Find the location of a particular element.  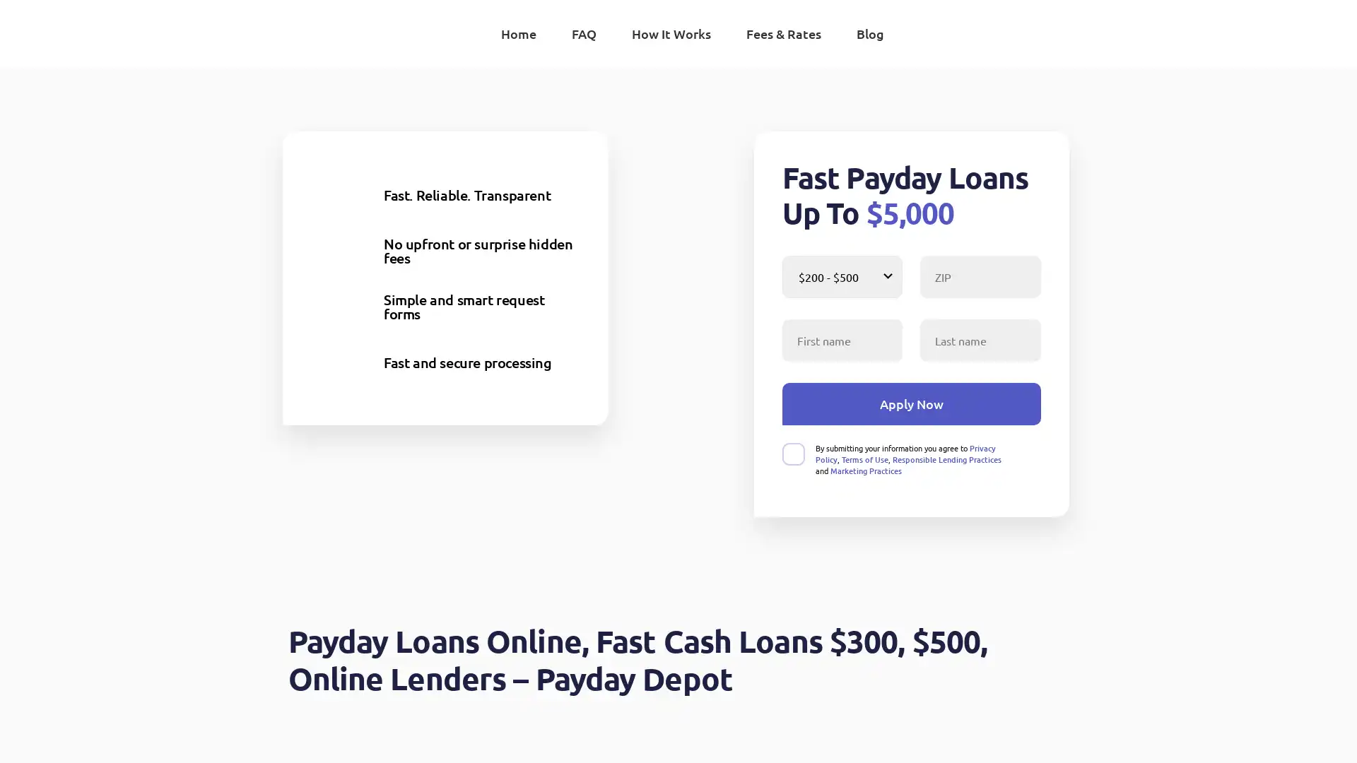

Apply Now is located at coordinates (911, 403).